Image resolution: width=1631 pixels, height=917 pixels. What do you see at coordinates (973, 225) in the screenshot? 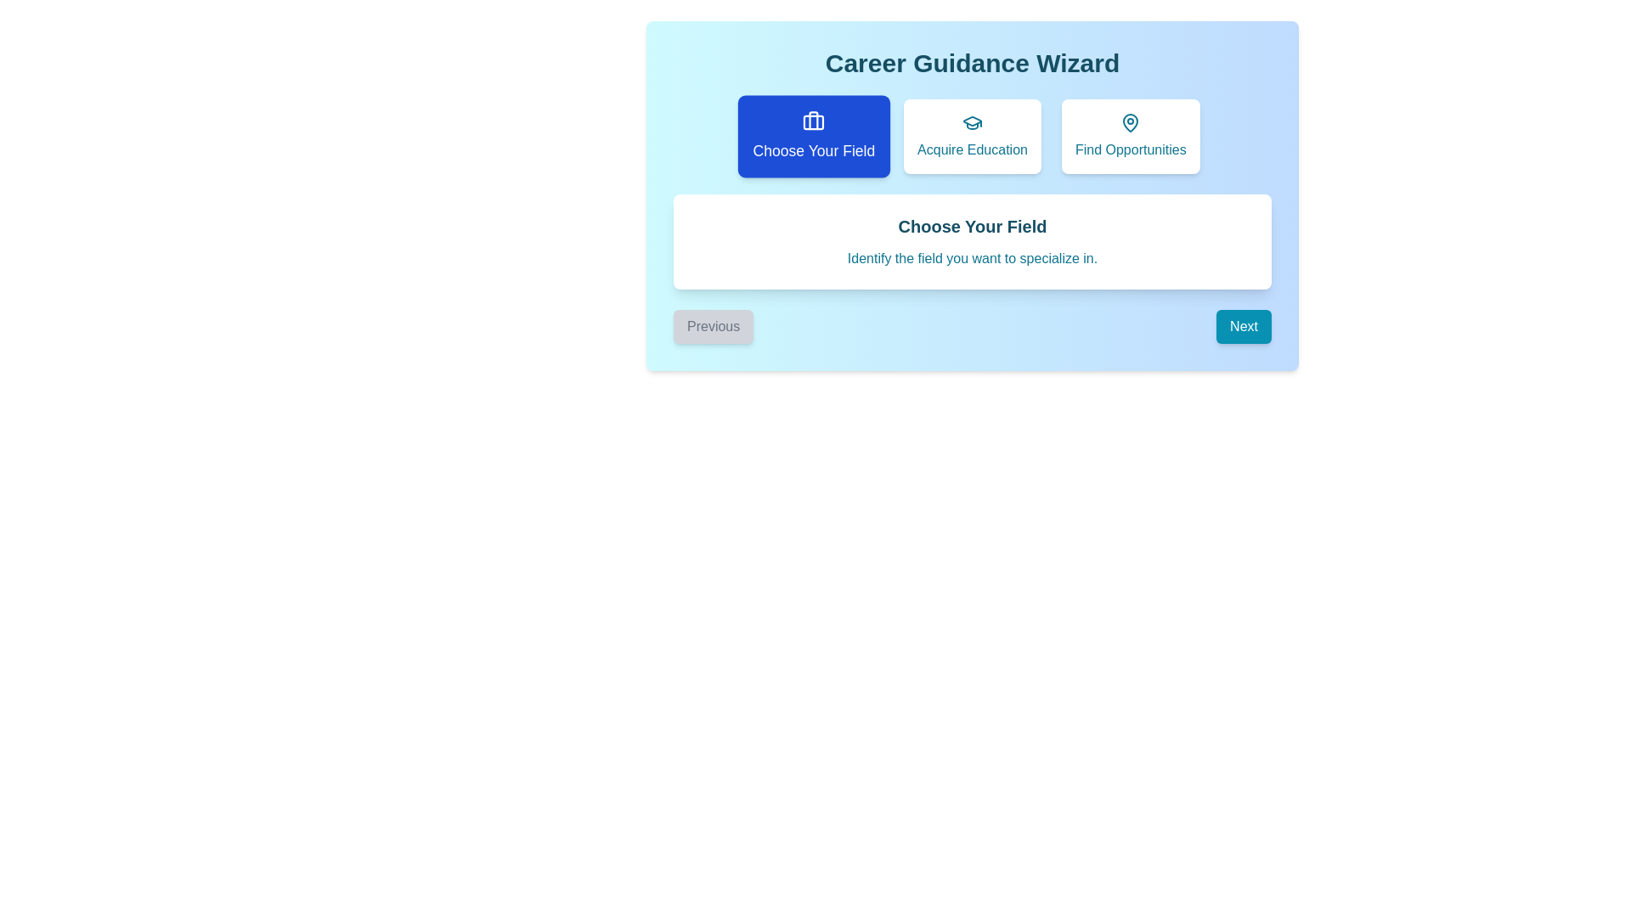
I see `the Heading text that introduces the section for choosing a field of specialization, located in the middle of a white card with rounded corners on a light blue background` at bounding box center [973, 225].